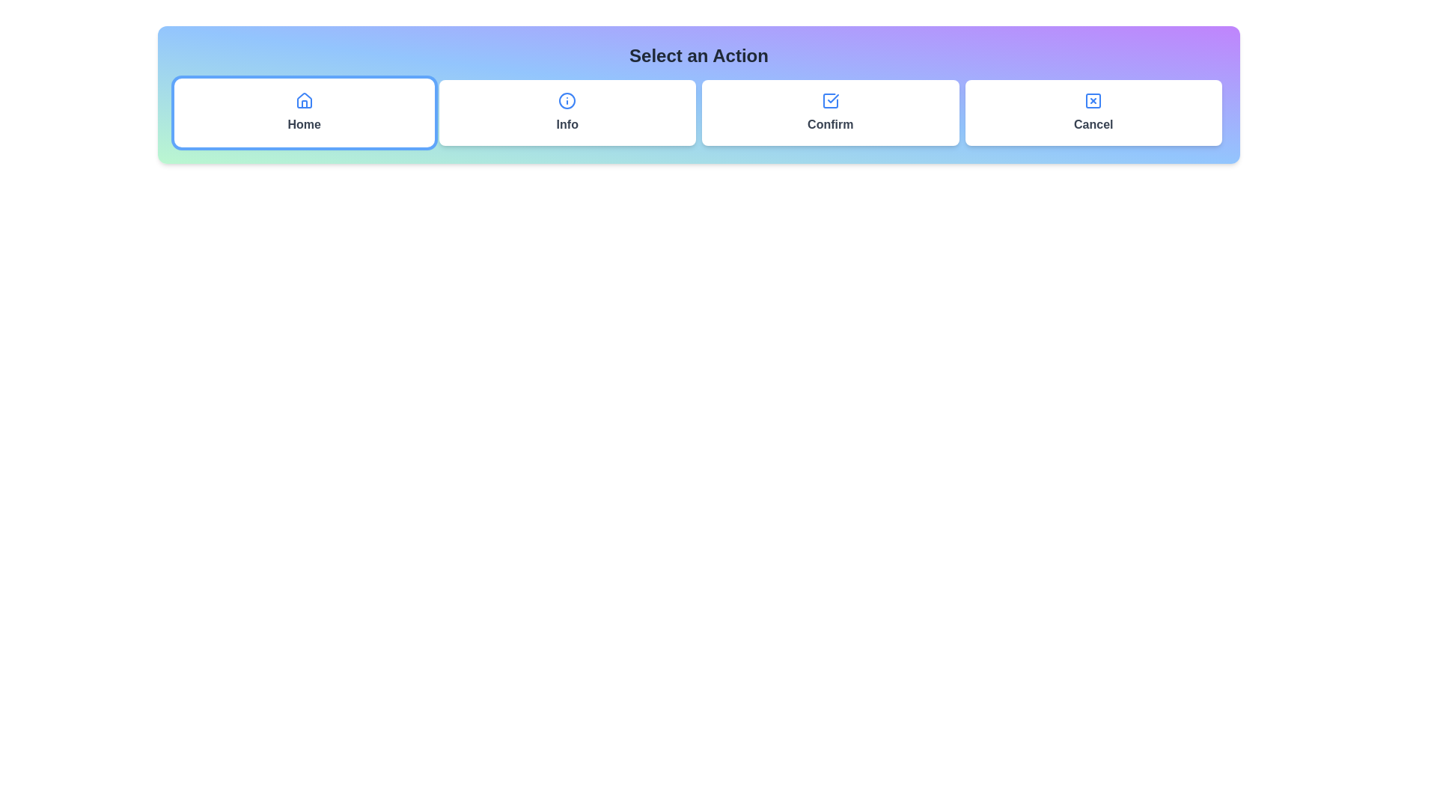 The image size is (1437, 808). I want to click on the Info button to change the active icon, so click(567, 111).